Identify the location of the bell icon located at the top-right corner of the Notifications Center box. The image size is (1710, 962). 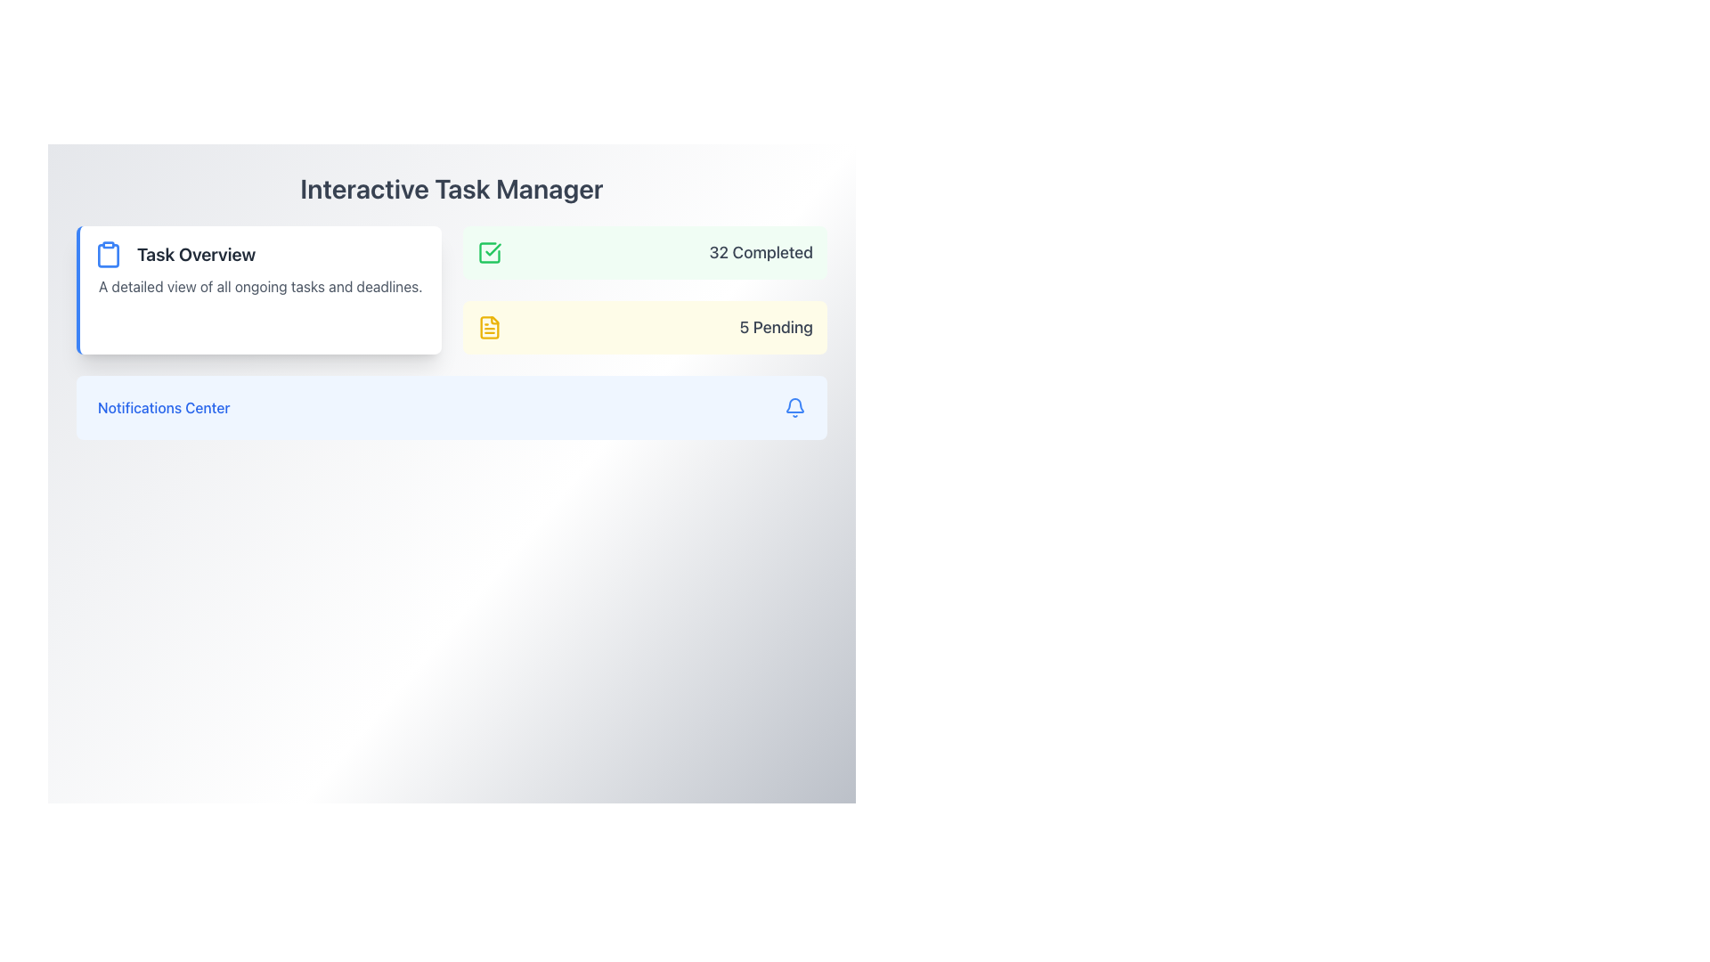
(794, 408).